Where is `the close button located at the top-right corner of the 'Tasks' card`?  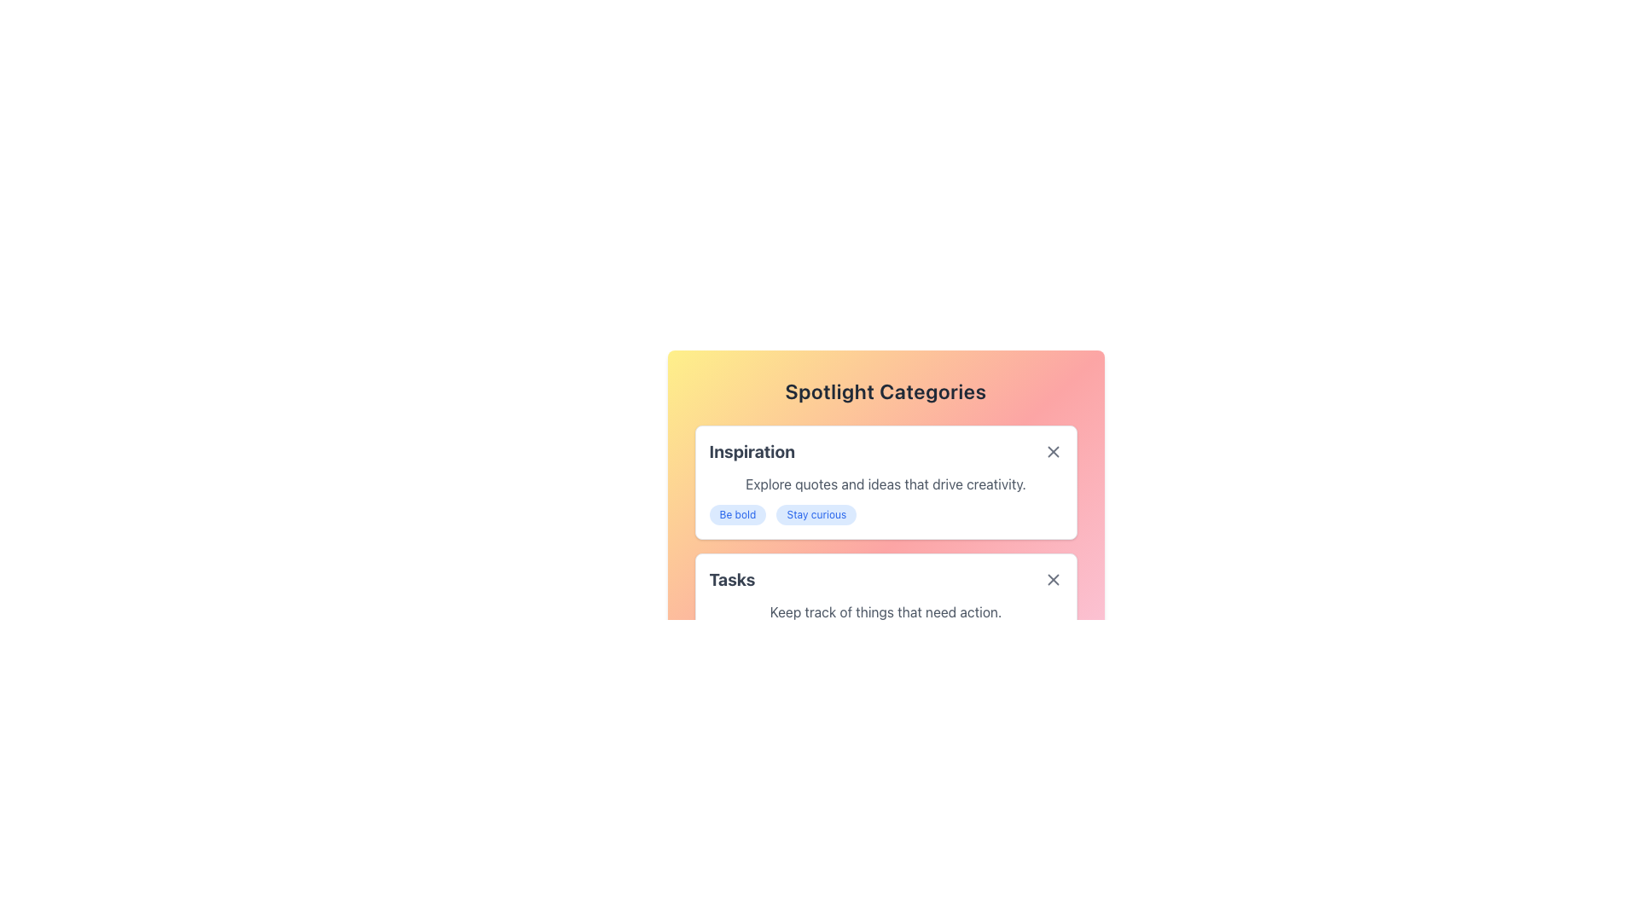
the close button located at the top-right corner of the 'Tasks' card is located at coordinates (1052, 578).